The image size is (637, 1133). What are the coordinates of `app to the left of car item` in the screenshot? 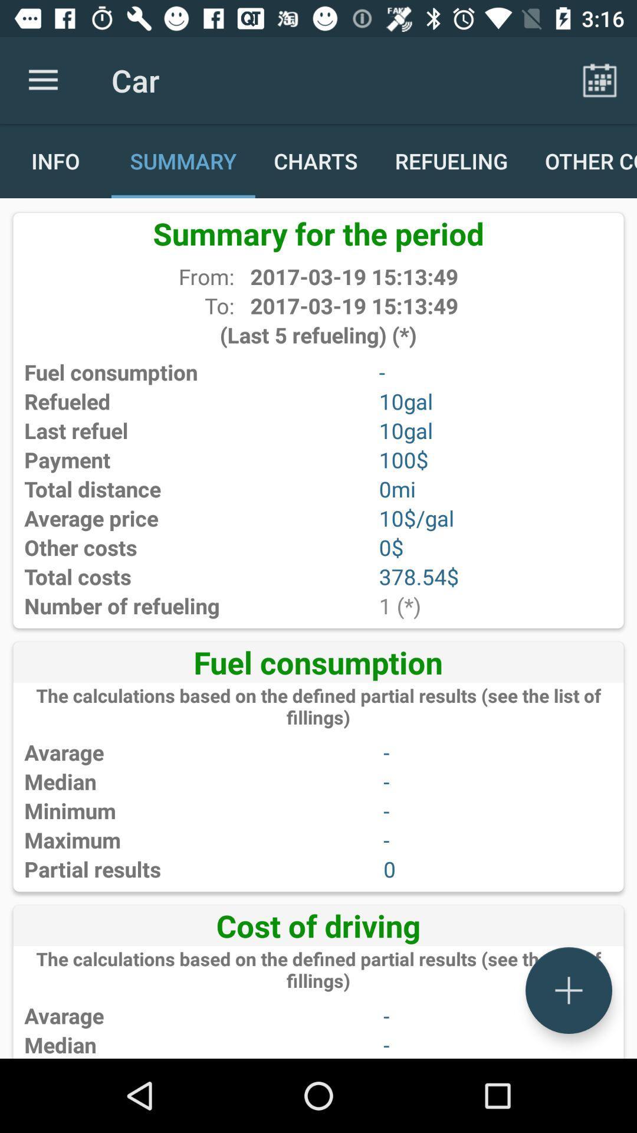 It's located at (42, 80).